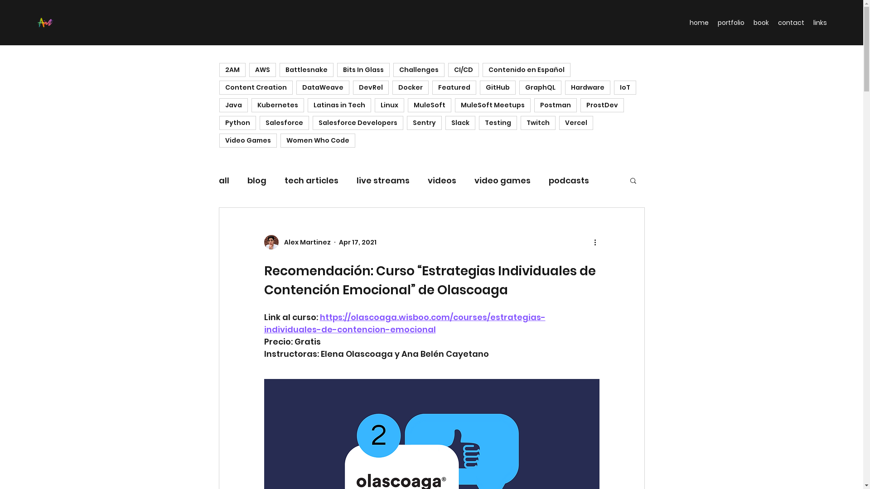  What do you see at coordinates (237, 123) in the screenshot?
I see `'Python'` at bounding box center [237, 123].